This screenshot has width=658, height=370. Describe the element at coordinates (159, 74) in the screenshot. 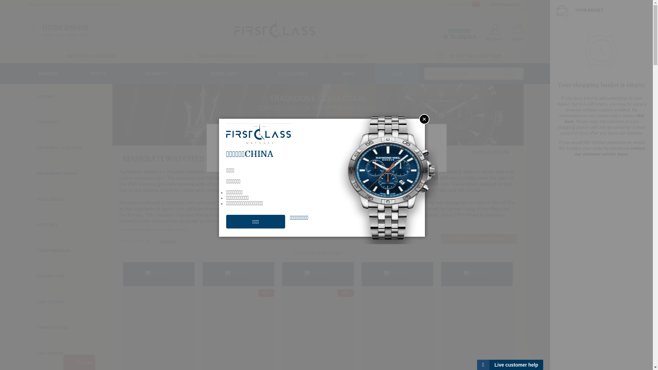

I see `'WOMEN'S'` at that location.